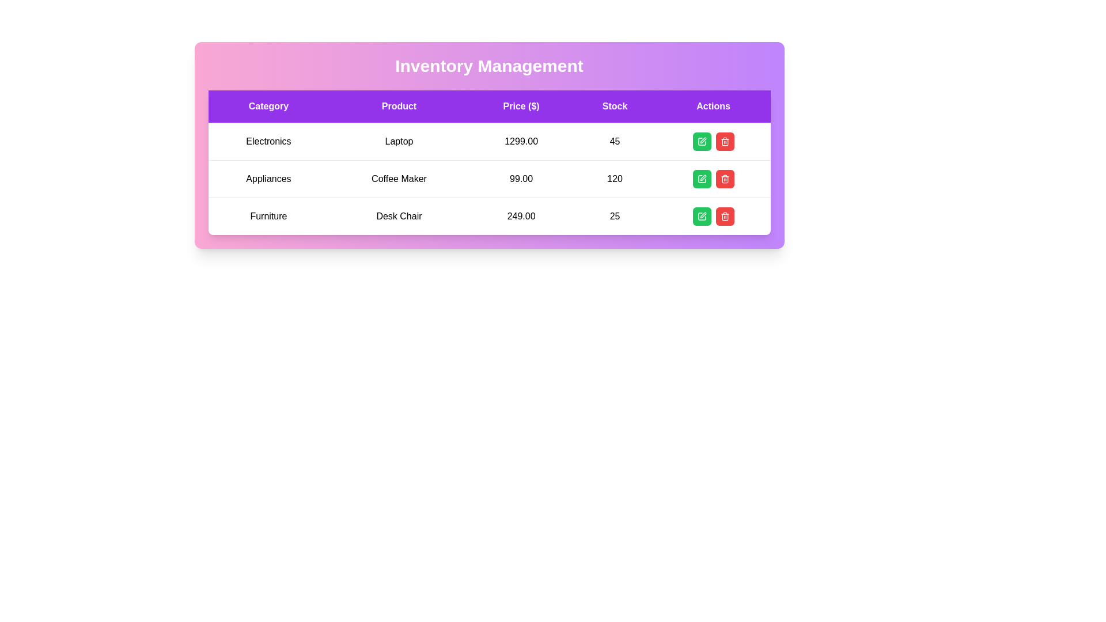 Image resolution: width=1106 pixels, height=622 pixels. I want to click on the trash bin icon inside the red delete button in the 'Actions' column of the second row for 'Appliances - Coffee Maker', so click(724, 142).